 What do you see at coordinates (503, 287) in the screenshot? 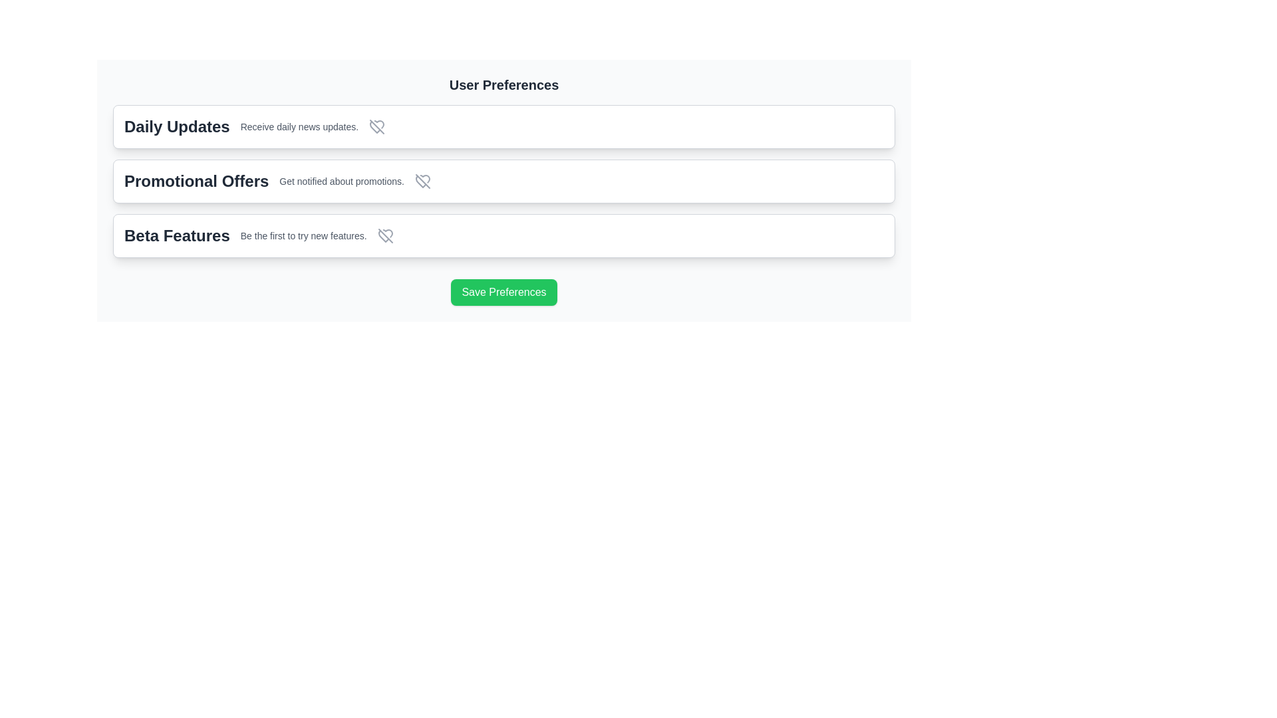
I see `the green button labeled 'Save Preferences' located at the bottom of the 'User Preferences' section` at bounding box center [503, 287].